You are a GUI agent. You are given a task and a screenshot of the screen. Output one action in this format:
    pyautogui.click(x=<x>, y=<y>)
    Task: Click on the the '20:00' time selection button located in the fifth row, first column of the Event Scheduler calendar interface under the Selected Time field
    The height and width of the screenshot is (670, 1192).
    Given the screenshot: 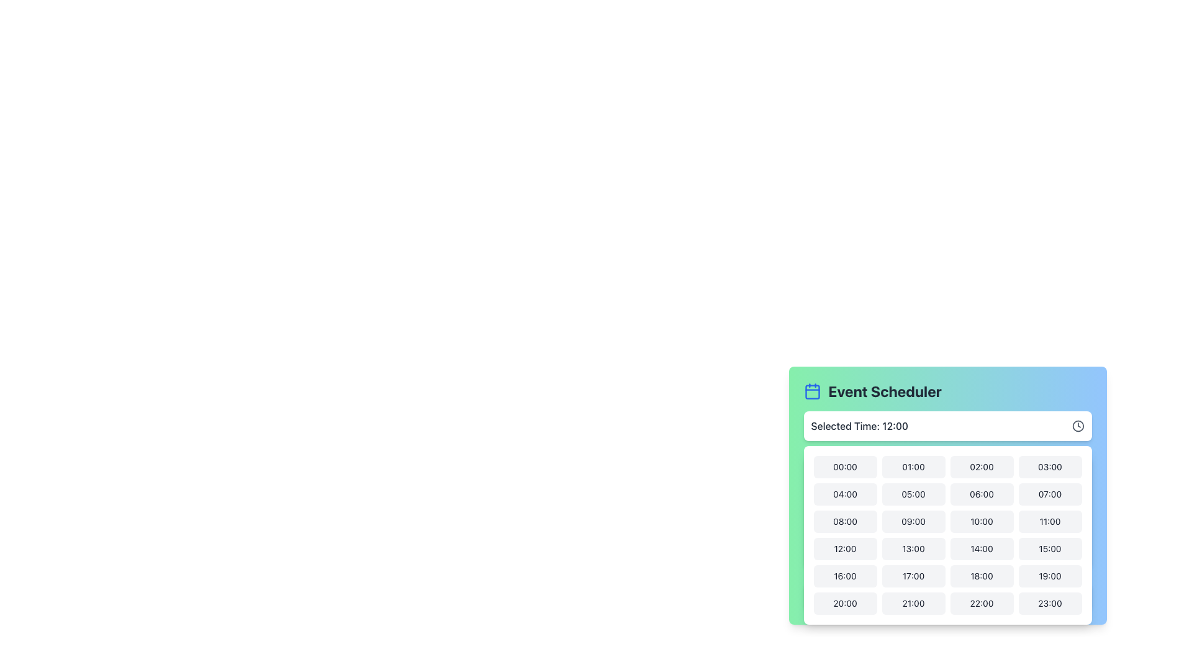 What is the action you would take?
    pyautogui.click(x=844, y=602)
    